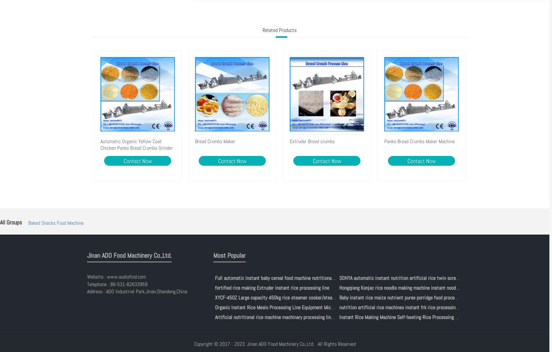  What do you see at coordinates (137, 291) in the screenshot?
I see `'Address : ADO Industrial Park,Jinan,Shandong,China'` at bounding box center [137, 291].